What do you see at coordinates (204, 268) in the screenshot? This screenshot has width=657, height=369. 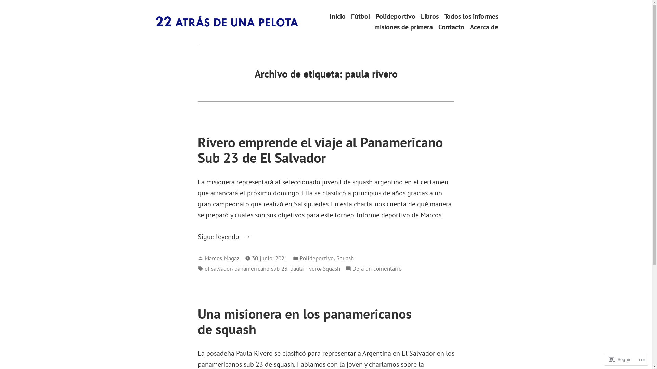 I see `'el salvador'` at bounding box center [204, 268].